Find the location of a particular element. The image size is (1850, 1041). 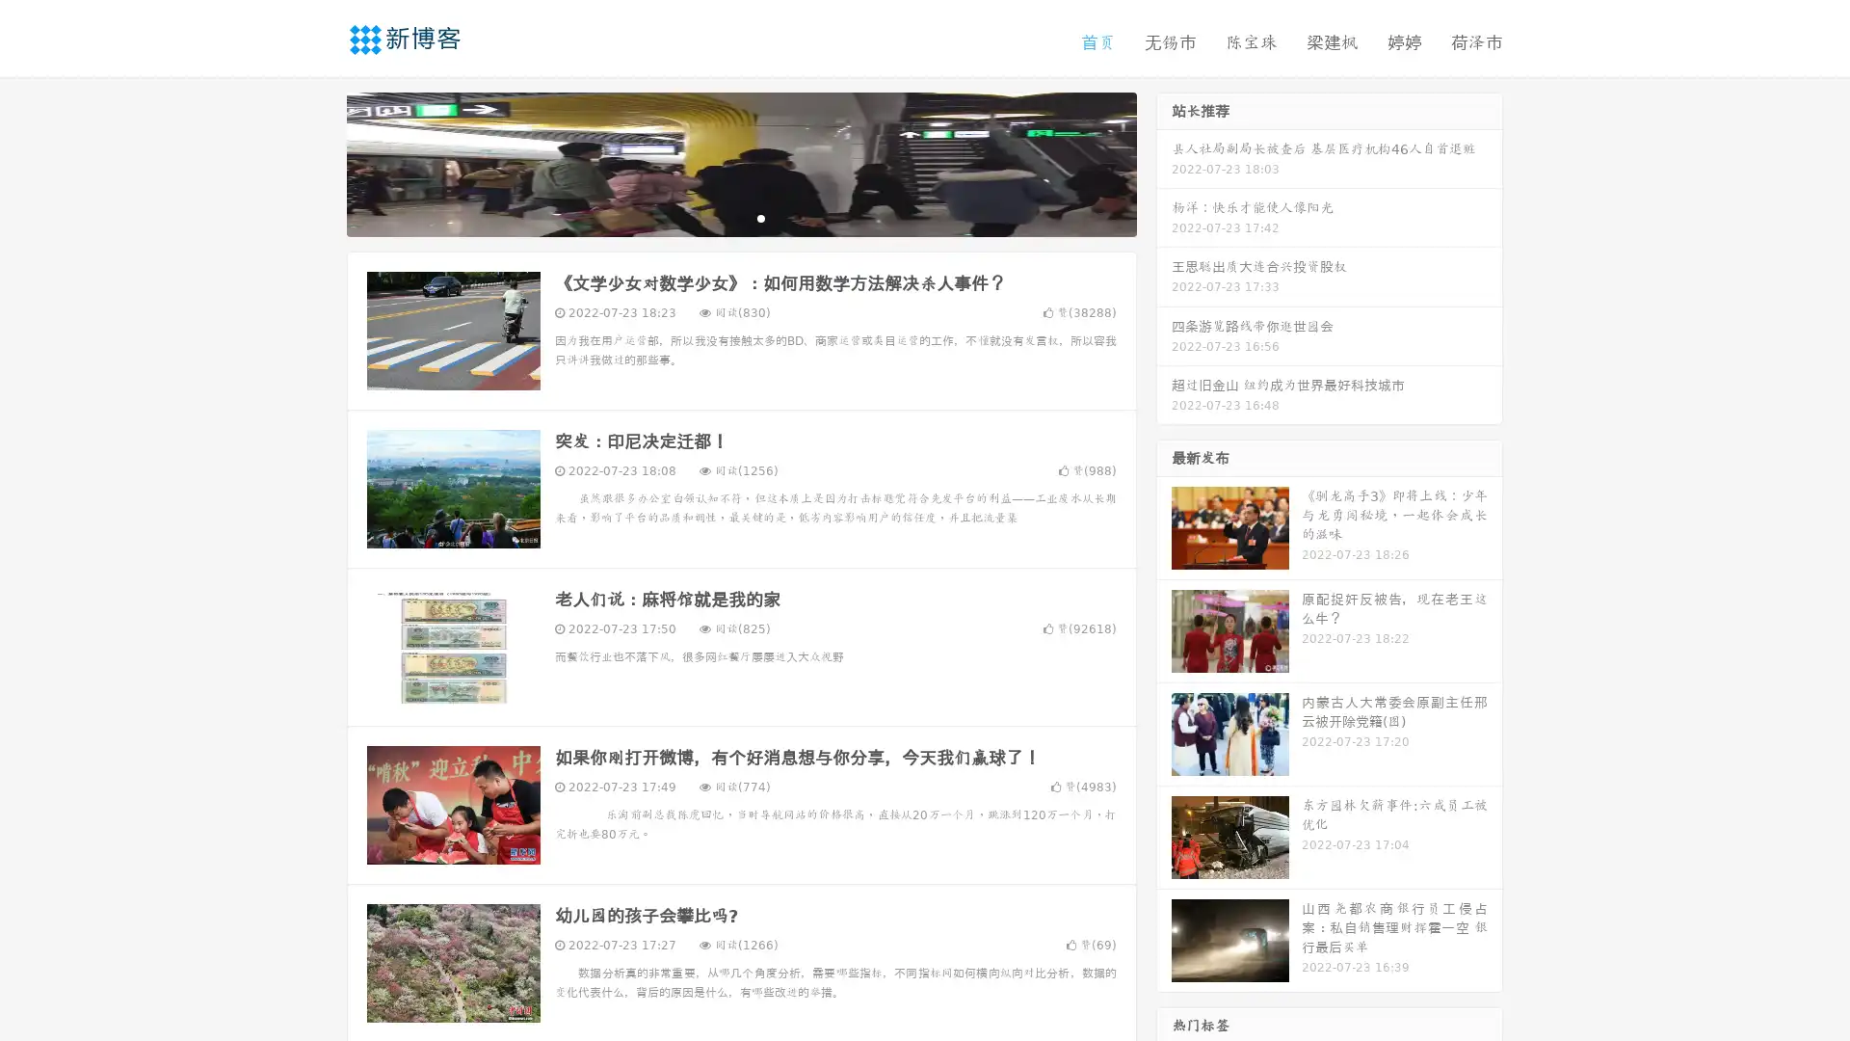

Go to slide 1 is located at coordinates (721, 217).